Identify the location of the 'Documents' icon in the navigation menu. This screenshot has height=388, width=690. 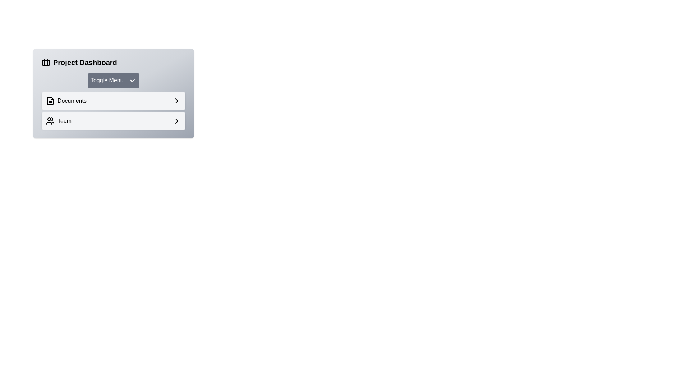
(50, 101).